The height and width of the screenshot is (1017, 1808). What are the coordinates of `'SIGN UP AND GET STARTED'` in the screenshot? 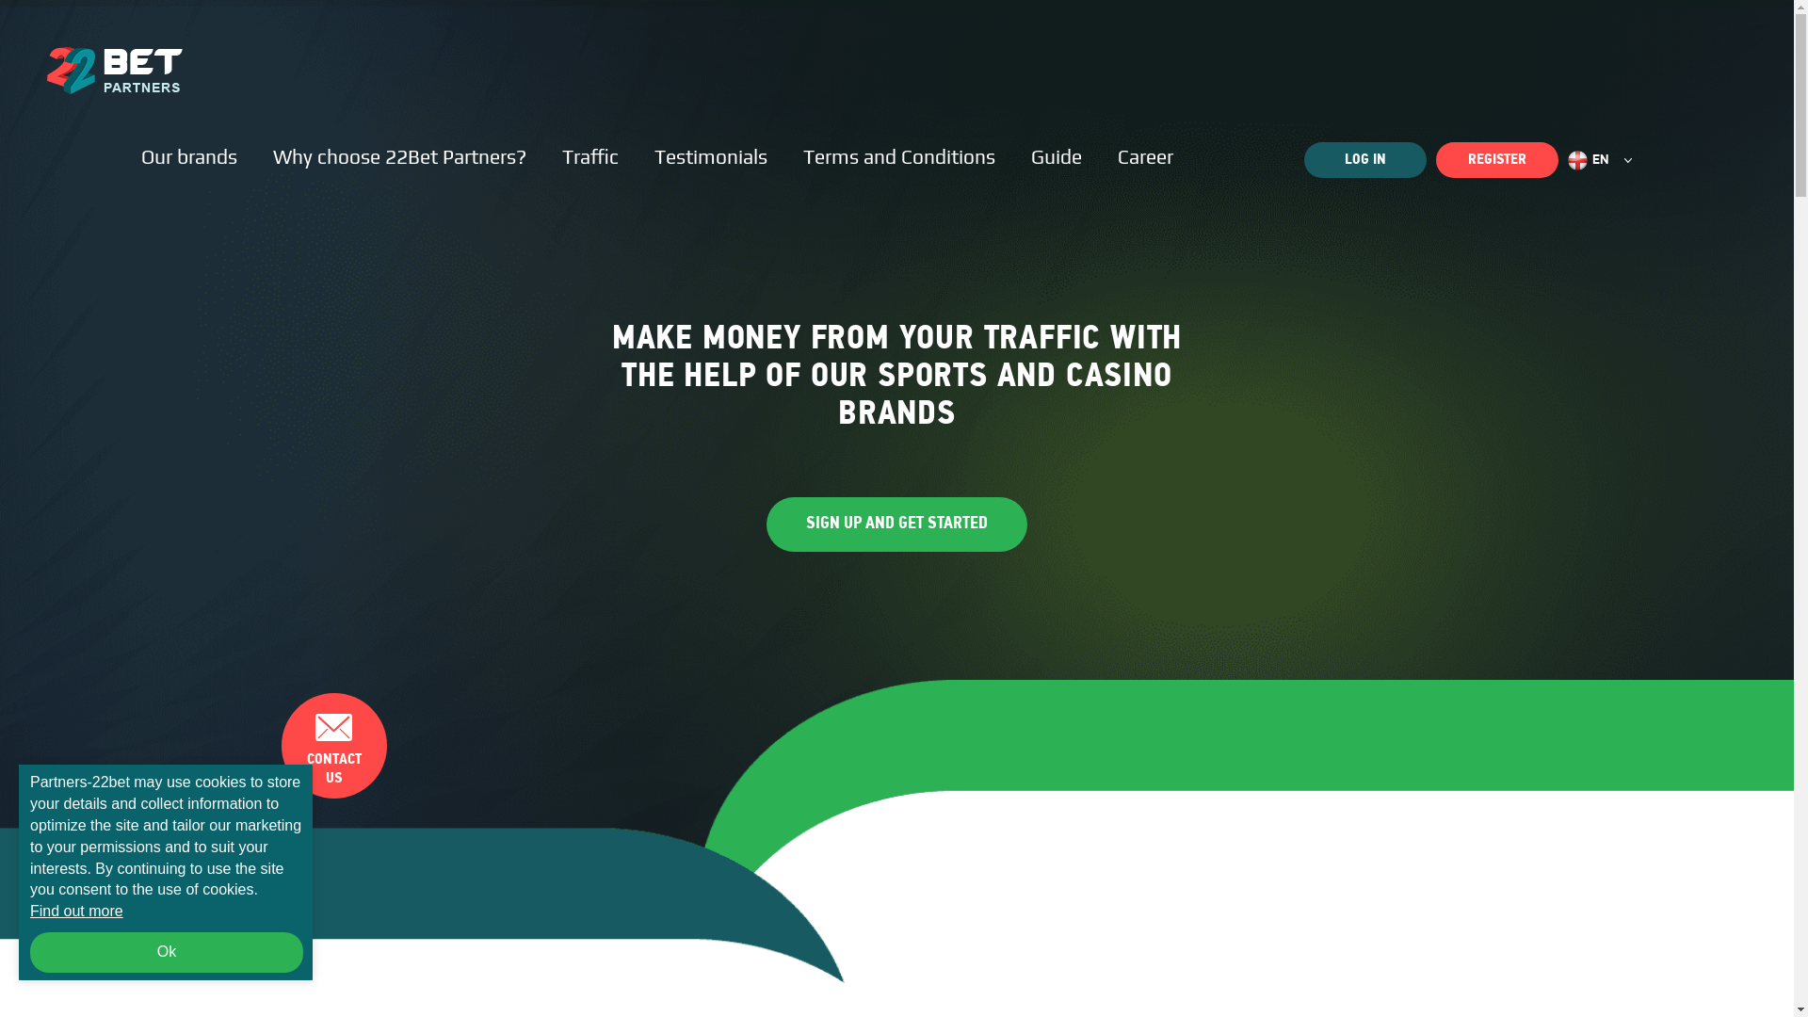 It's located at (896, 524).